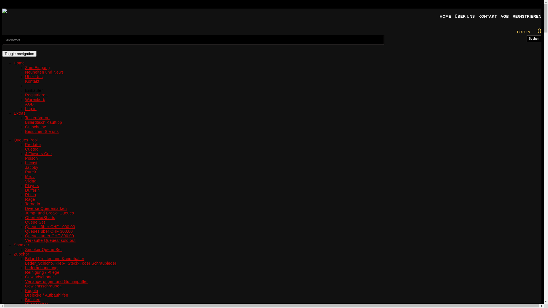  What do you see at coordinates (43, 122) in the screenshot?
I see `'Billardtisch Kauftipp'` at bounding box center [43, 122].